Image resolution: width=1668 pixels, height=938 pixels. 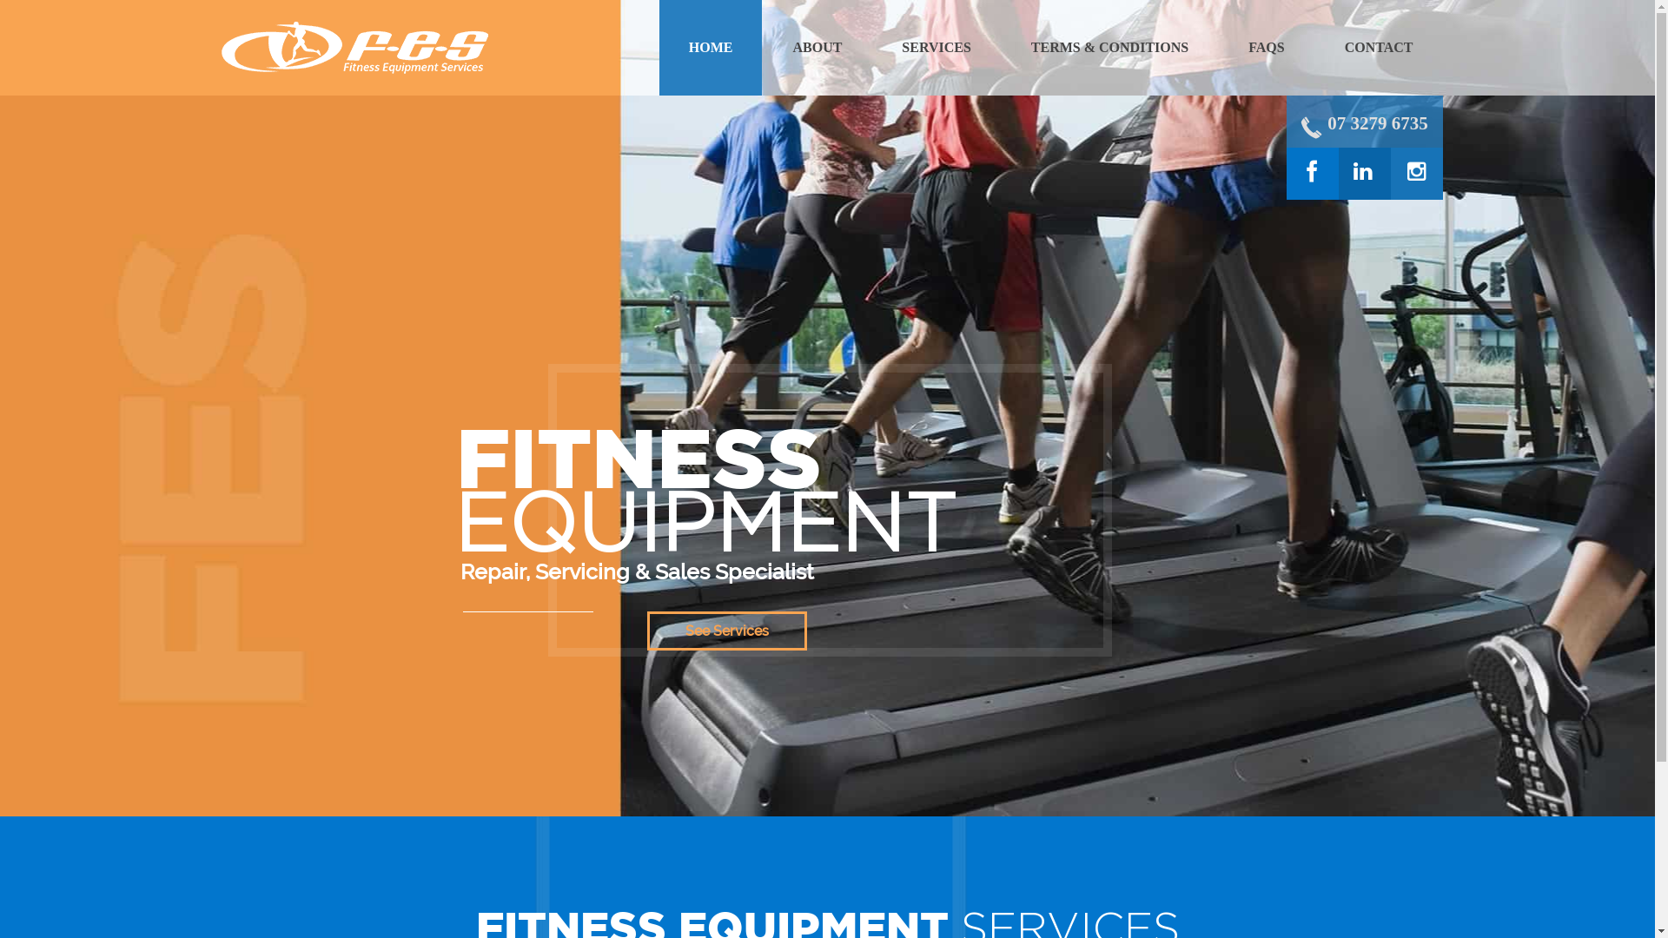 I want to click on 'TERMS & CONDITIONS', so click(x=1001, y=46).